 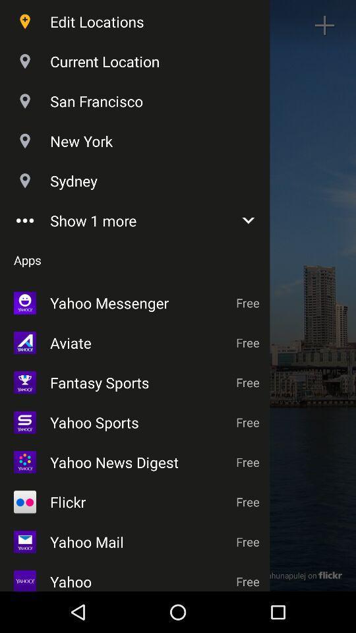 What do you see at coordinates (30, 27) in the screenshot?
I see `the location icon` at bounding box center [30, 27].